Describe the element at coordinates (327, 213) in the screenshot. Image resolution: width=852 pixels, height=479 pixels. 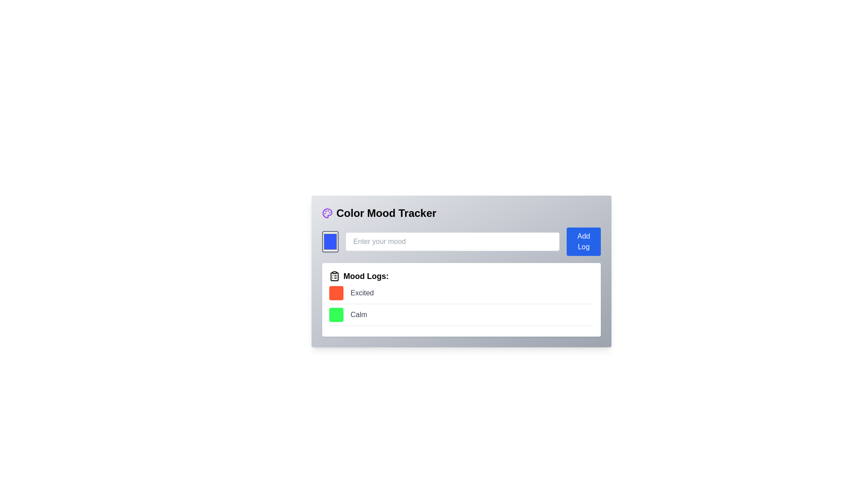
I see `the purple-colored palette icon located to the left of the 'Color Mood Tracker' title text in the header section` at that location.